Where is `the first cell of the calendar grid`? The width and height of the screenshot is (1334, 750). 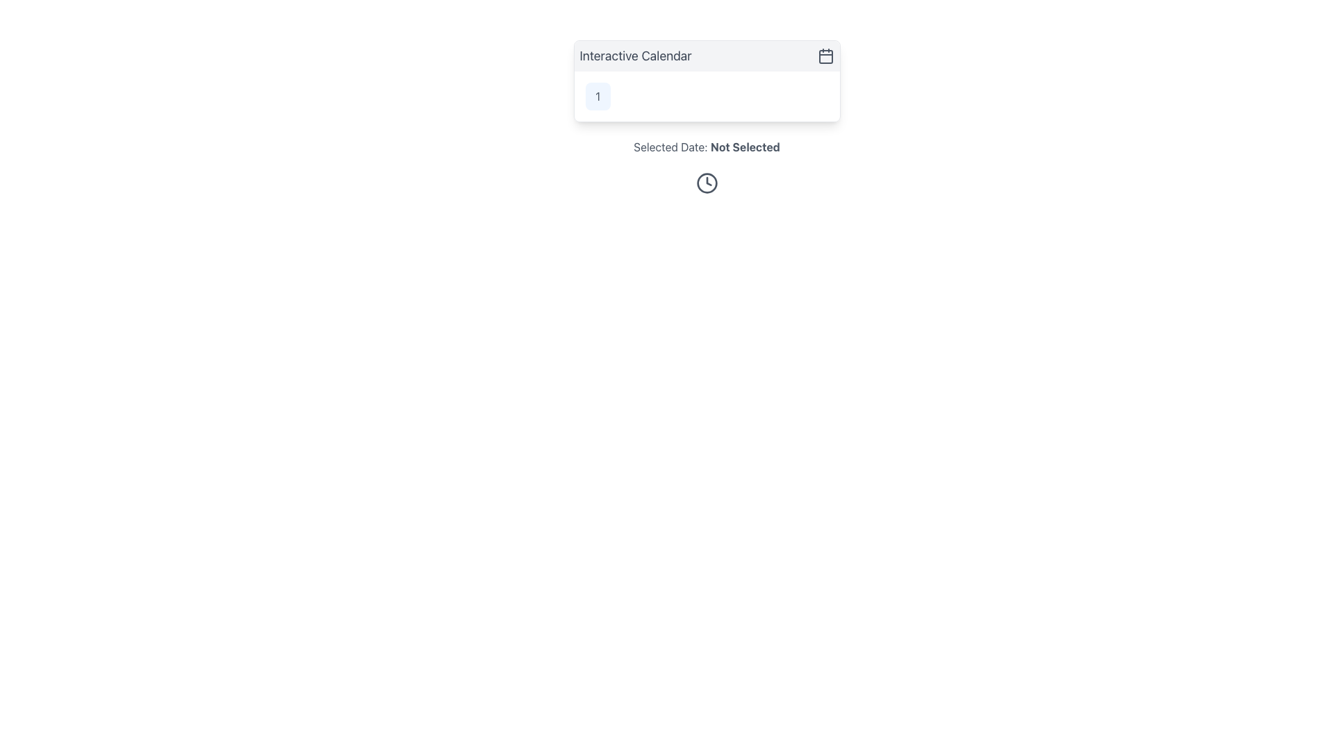 the first cell of the calendar grid is located at coordinates (707, 95).